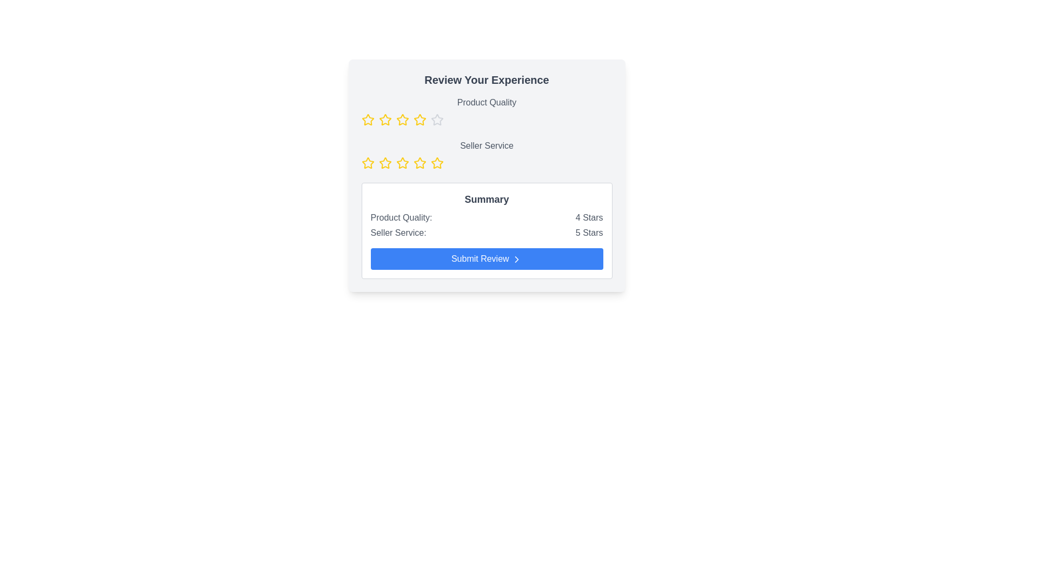  I want to click on the fourth rating star icon, which has a yellow border and a white interior, so click(402, 120).